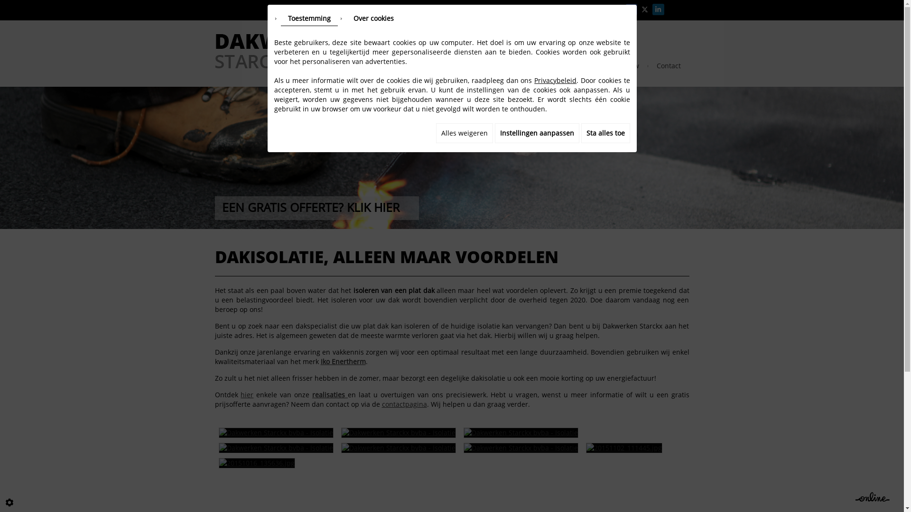 The height and width of the screenshot is (512, 911). What do you see at coordinates (464, 133) in the screenshot?
I see `'Alles weigeren'` at bounding box center [464, 133].